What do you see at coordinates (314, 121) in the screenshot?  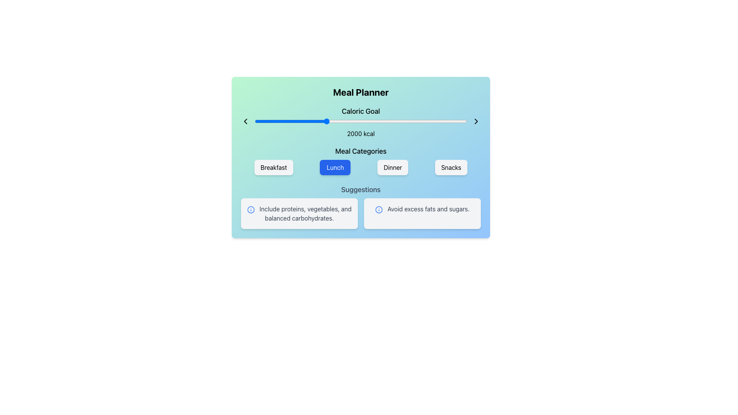 I see `the caloric goal` at bounding box center [314, 121].